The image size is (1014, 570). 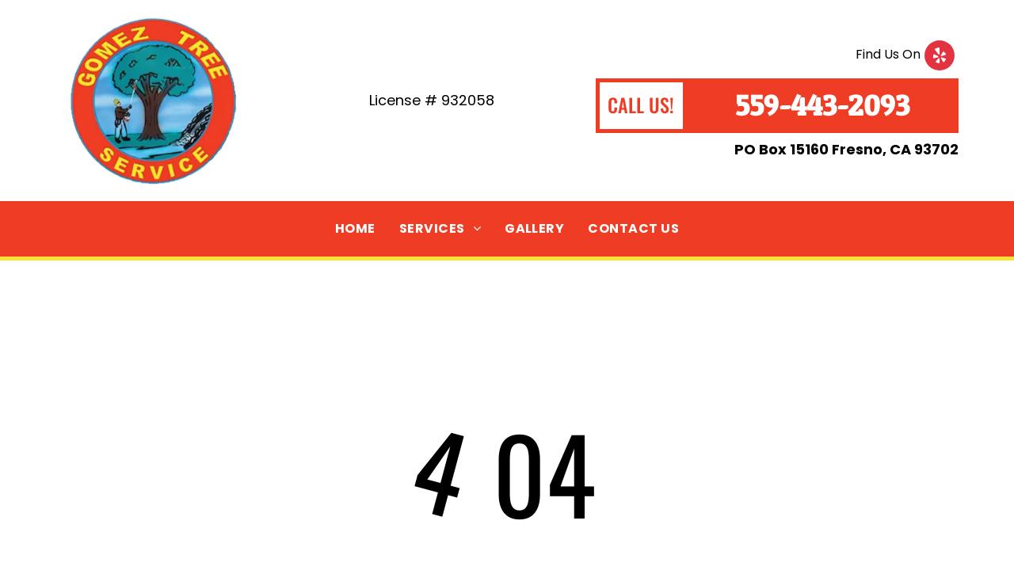 What do you see at coordinates (458, 298) in the screenshot?
I see `'TREE REMOVAL'` at bounding box center [458, 298].